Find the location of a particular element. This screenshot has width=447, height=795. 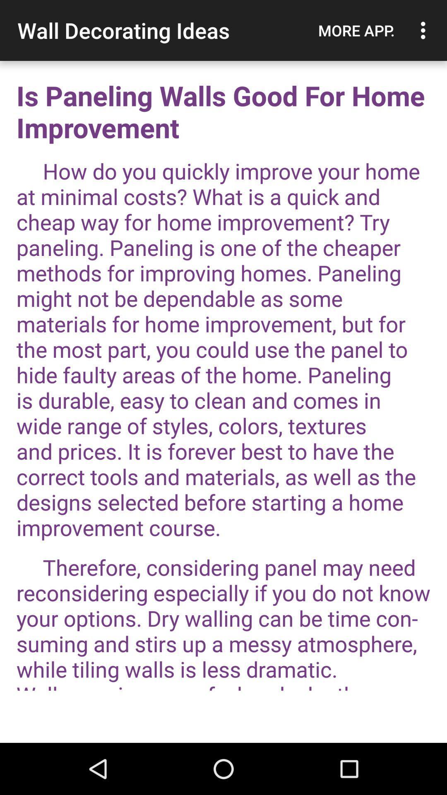

the item next to the wall decorating ideas item is located at coordinates (356, 30).